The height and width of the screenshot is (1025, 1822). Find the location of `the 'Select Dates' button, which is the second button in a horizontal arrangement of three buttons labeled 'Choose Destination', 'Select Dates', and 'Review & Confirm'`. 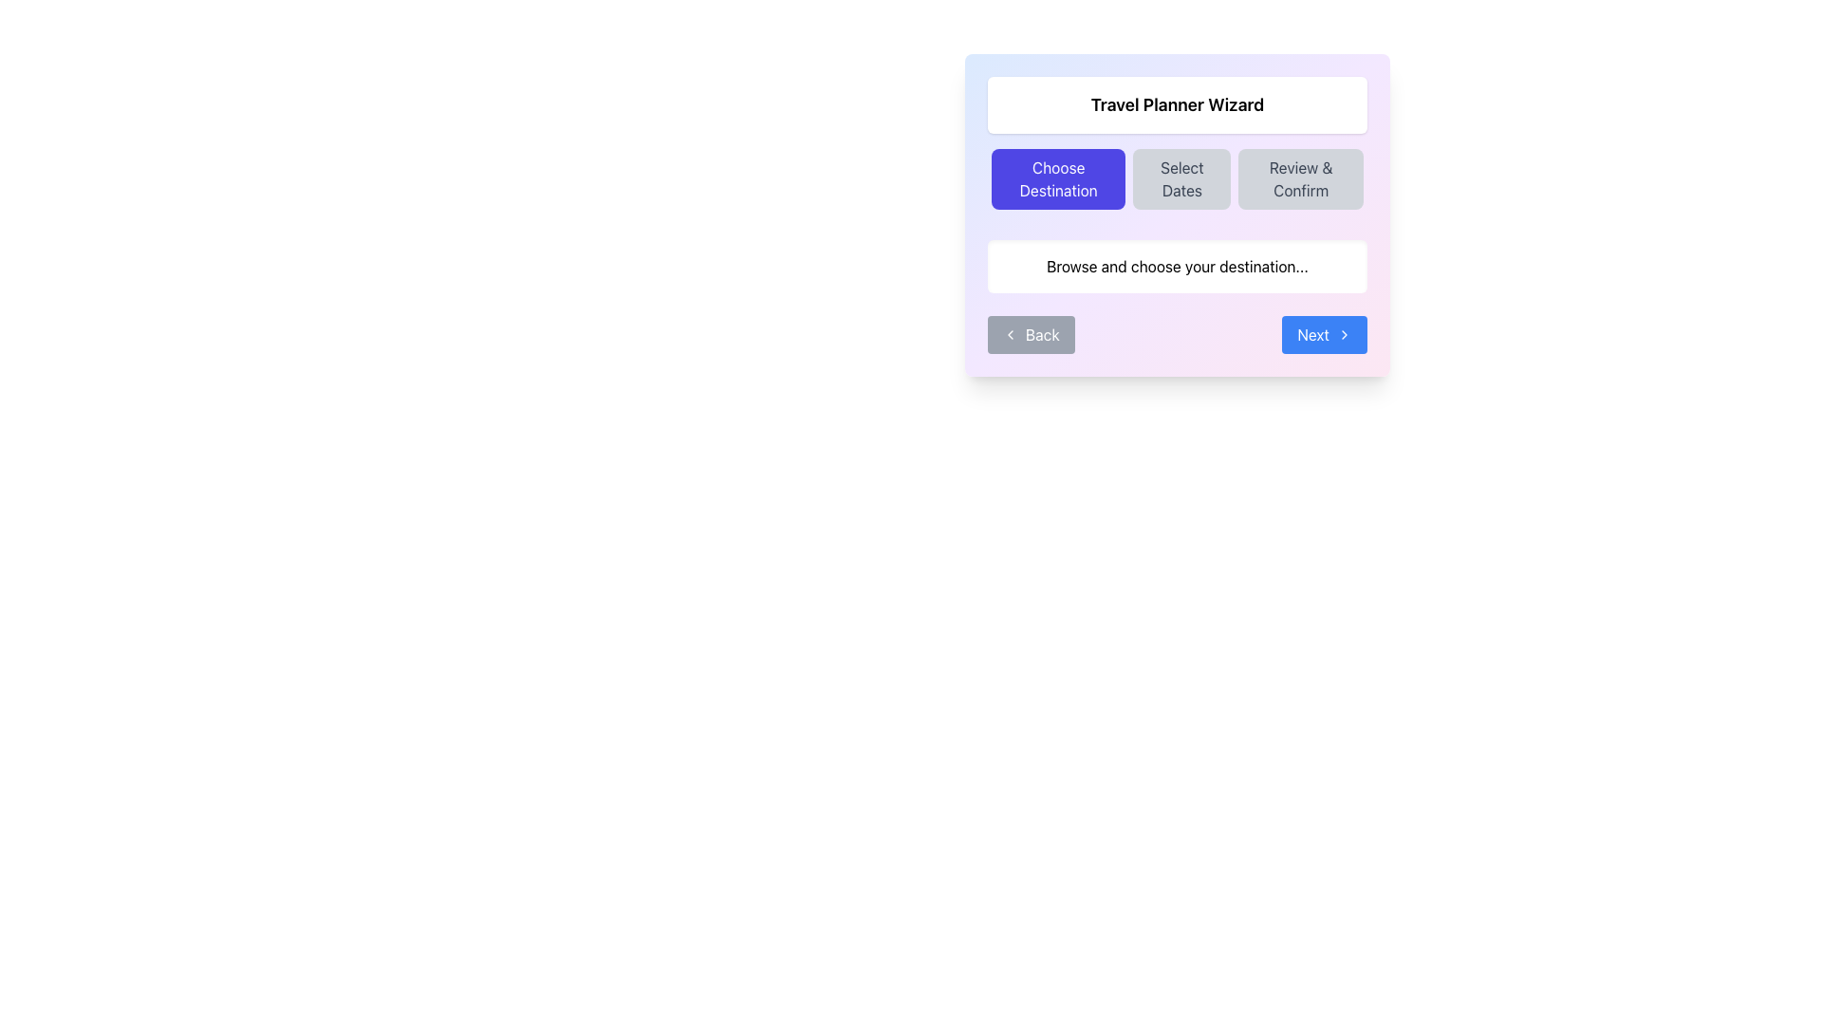

the 'Select Dates' button, which is the second button in a horizontal arrangement of three buttons labeled 'Choose Destination', 'Select Dates', and 'Review & Confirm' is located at coordinates (1181, 179).